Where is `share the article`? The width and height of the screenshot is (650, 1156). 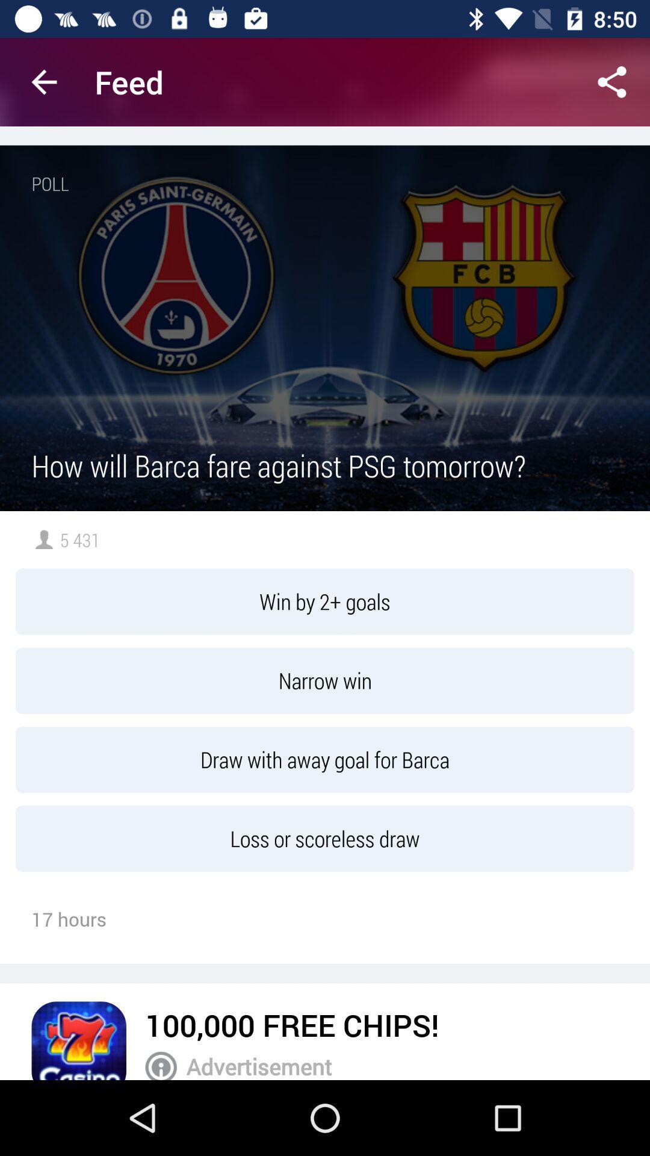 share the article is located at coordinates (612, 81).